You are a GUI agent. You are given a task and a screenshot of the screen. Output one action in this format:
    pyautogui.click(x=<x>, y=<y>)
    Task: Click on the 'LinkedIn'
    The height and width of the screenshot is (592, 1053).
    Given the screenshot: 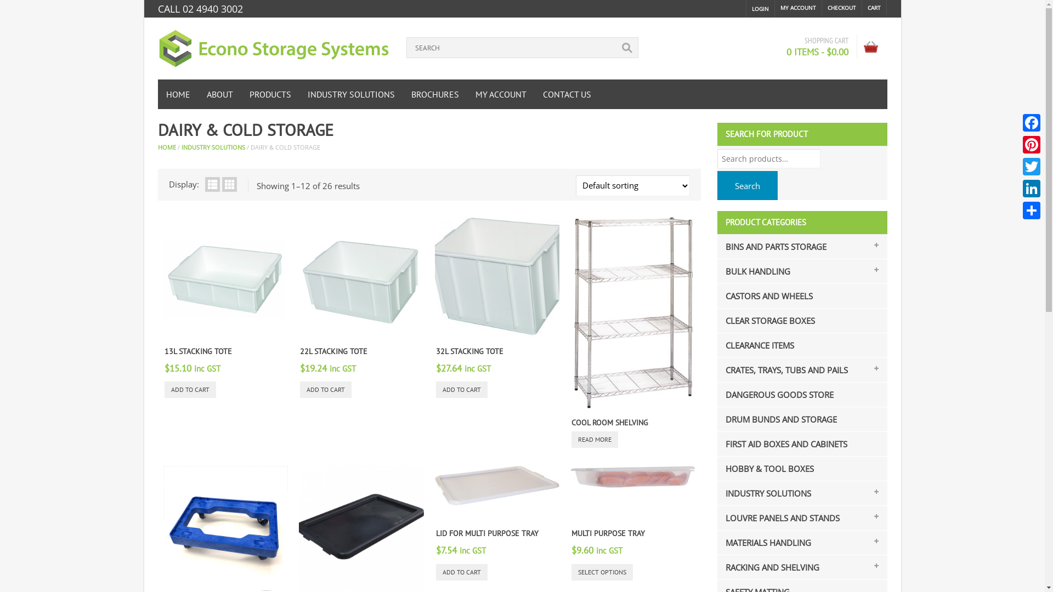 What is the action you would take?
    pyautogui.click(x=1020, y=187)
    